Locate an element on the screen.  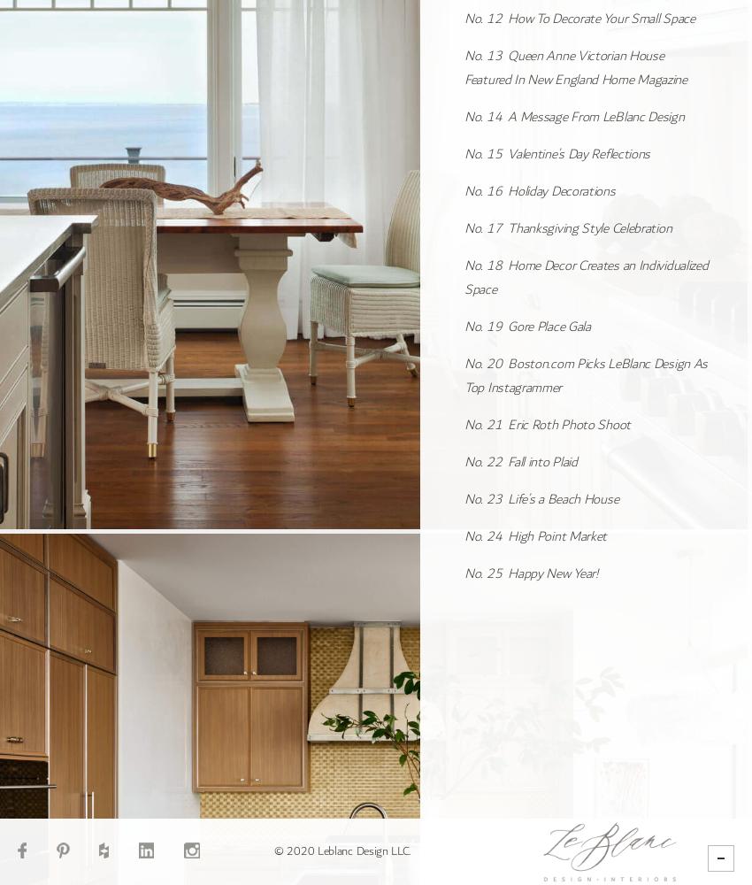
'Fall into Plaid' is located at coordinates (541, 461).